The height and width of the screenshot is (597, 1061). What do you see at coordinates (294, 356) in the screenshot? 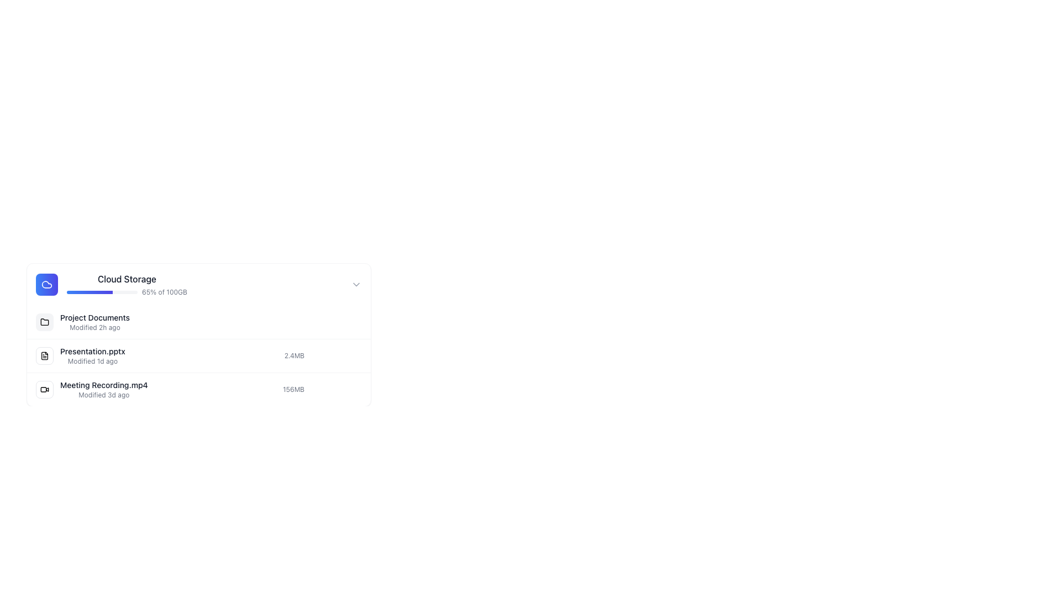
I see `the text label displaying the file size located to the right of 'Presentation.pptx' in the file manager interface` at bounding box center [294, 356].